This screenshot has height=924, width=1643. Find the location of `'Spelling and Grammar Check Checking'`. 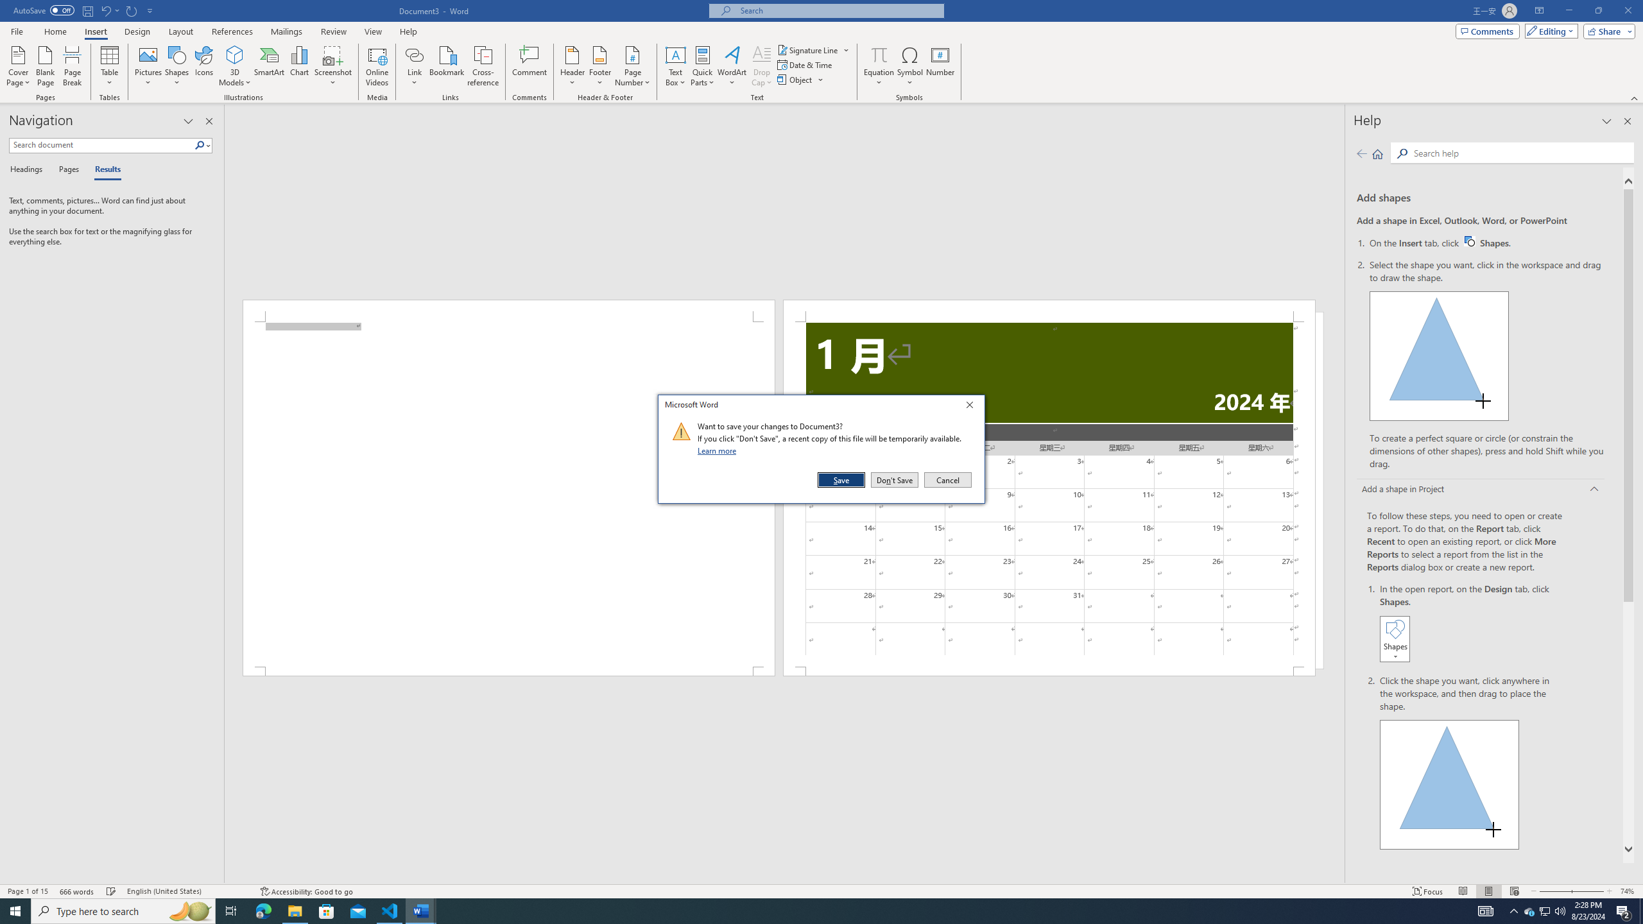

'Spelling and Grammar Check Checking' is located at coordinates (112, 891).